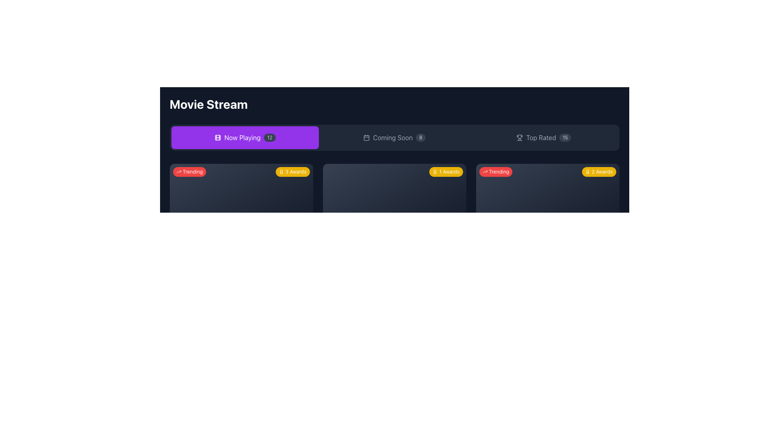 Image resolution: width=782 pixels, height=440 pixels. I want to click on the displayed count on the badge showing the number '12', which is located right after the 'Now Playing' button in the main interface, so click(270, 137).